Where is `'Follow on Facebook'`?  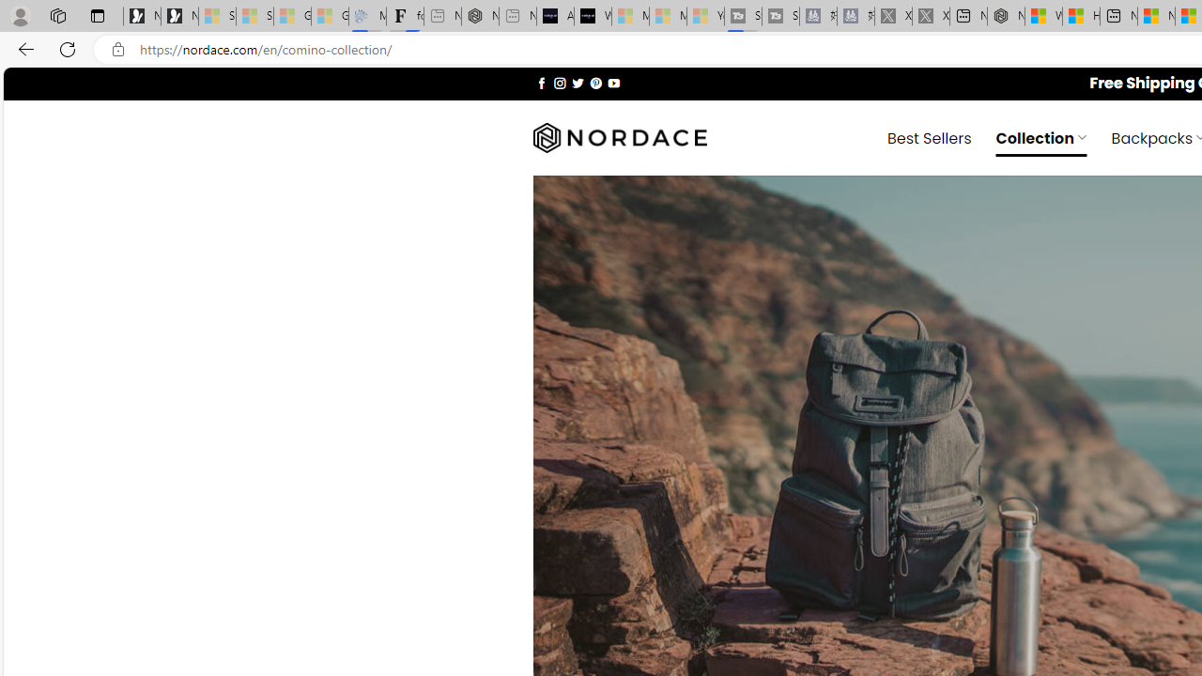 'Follow on Facebook' is located at coordinates (541, 82).